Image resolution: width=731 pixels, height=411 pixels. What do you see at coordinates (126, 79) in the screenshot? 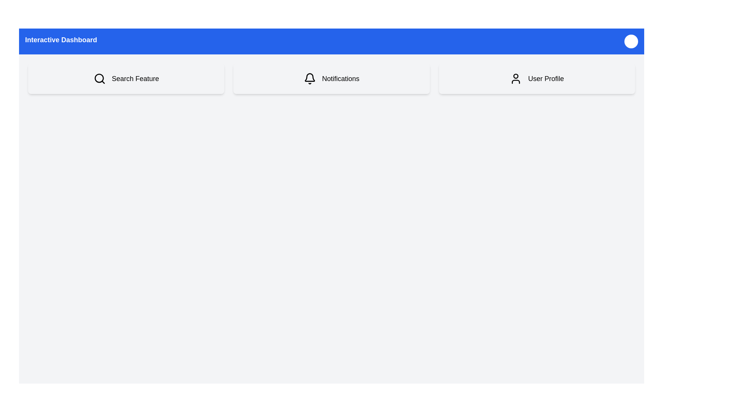
I see `the 'Search Feature' panel located at the top-left corner of the interface, below the blue header, and to the left of 'Notifications' and 'User Profile'` at bounding box center [126, 79].